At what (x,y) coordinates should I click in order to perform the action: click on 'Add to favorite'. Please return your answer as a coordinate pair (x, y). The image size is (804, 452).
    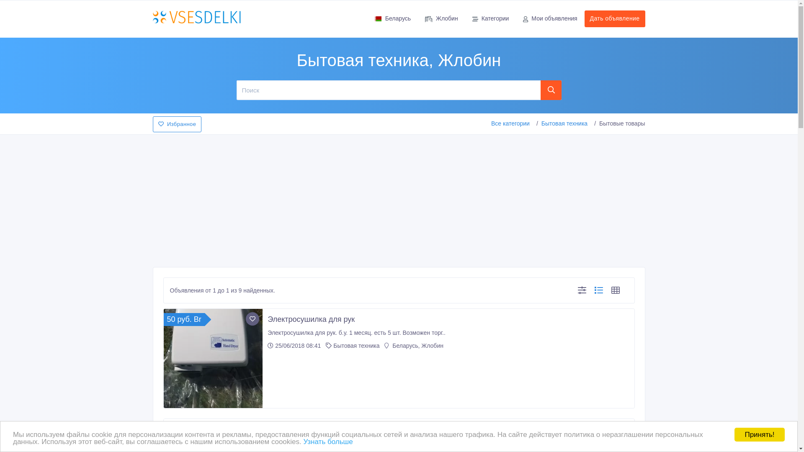
    Looking at the image, I should click on (252, 319).